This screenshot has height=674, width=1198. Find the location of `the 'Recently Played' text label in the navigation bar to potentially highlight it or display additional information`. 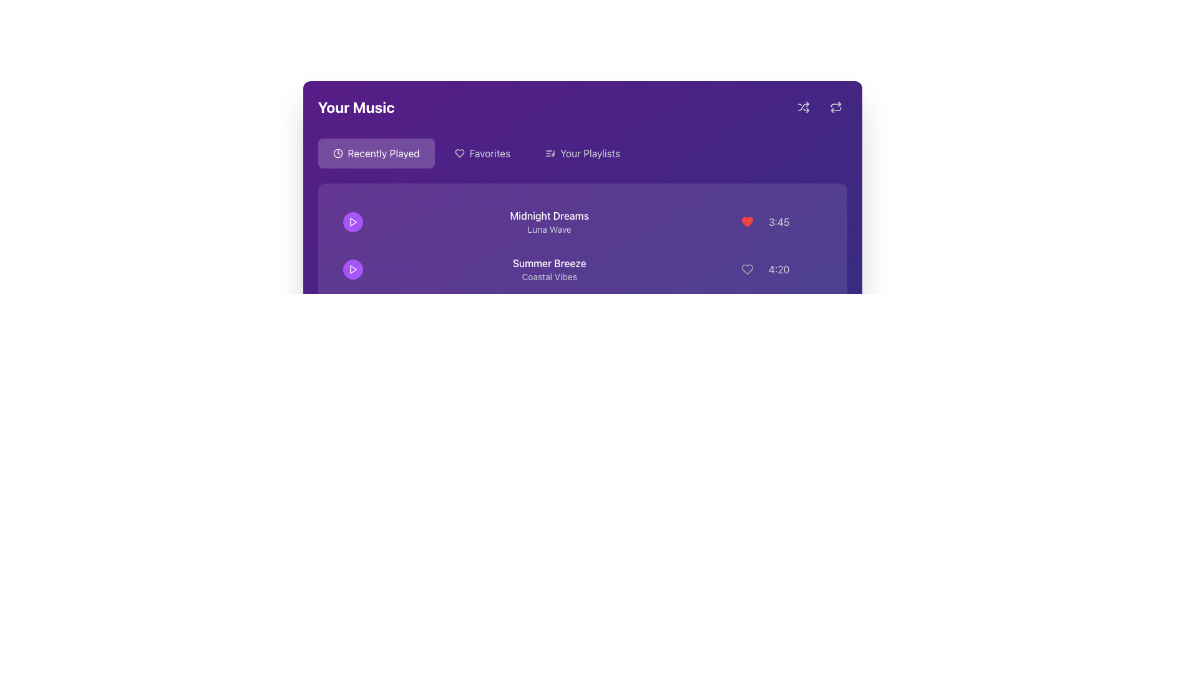

the 'Recently Played' text label in the navigation bar to potentially highlight it or display additional information is located at coordinates (383, 153).